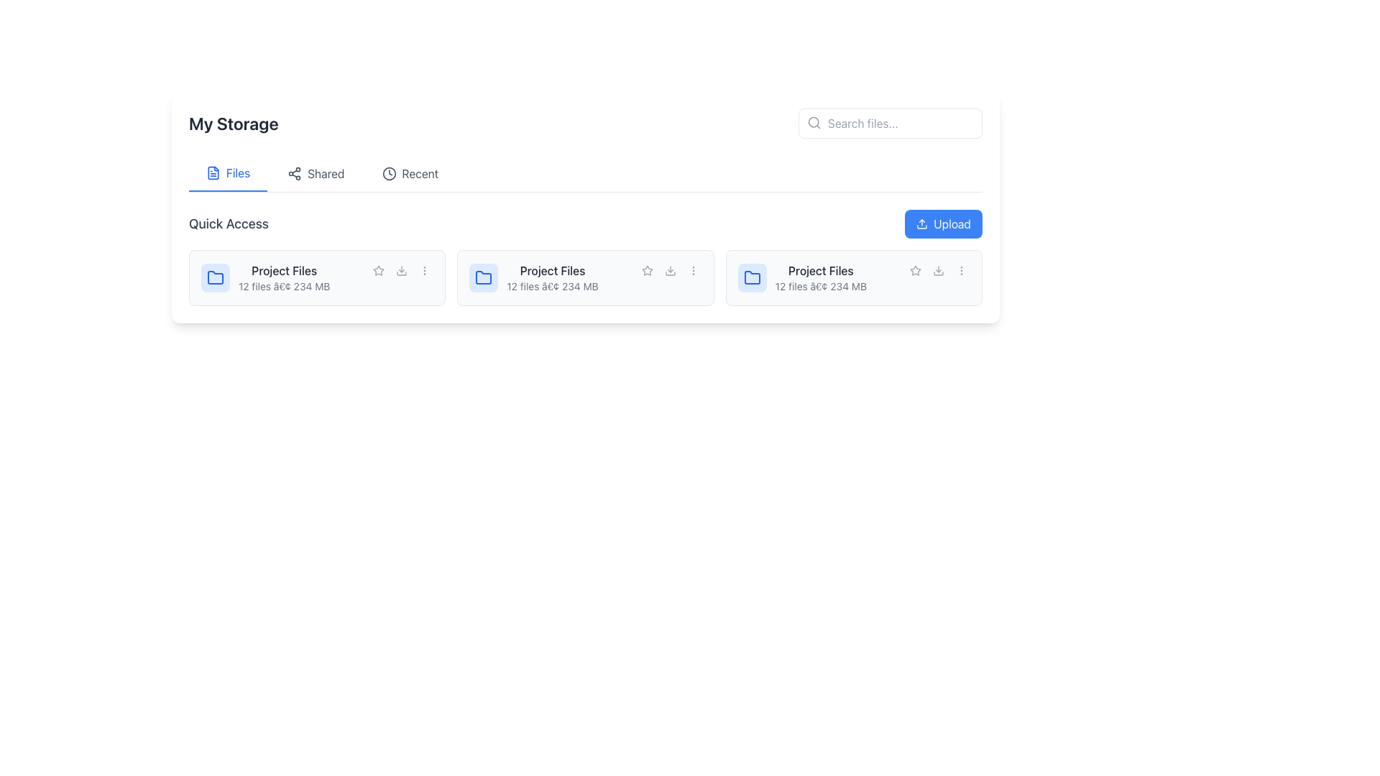  Describe the element at coordinates (646, 271) in the screenshot. I see `the favorite icon located in the middle of the 'Project Files' card within the 'Quick Access' section` at that location.